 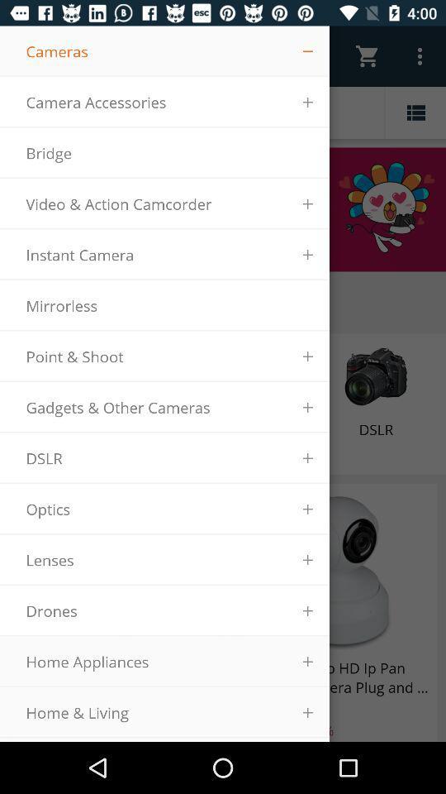 I want to click on the list icon, so click(x=415, y=112).